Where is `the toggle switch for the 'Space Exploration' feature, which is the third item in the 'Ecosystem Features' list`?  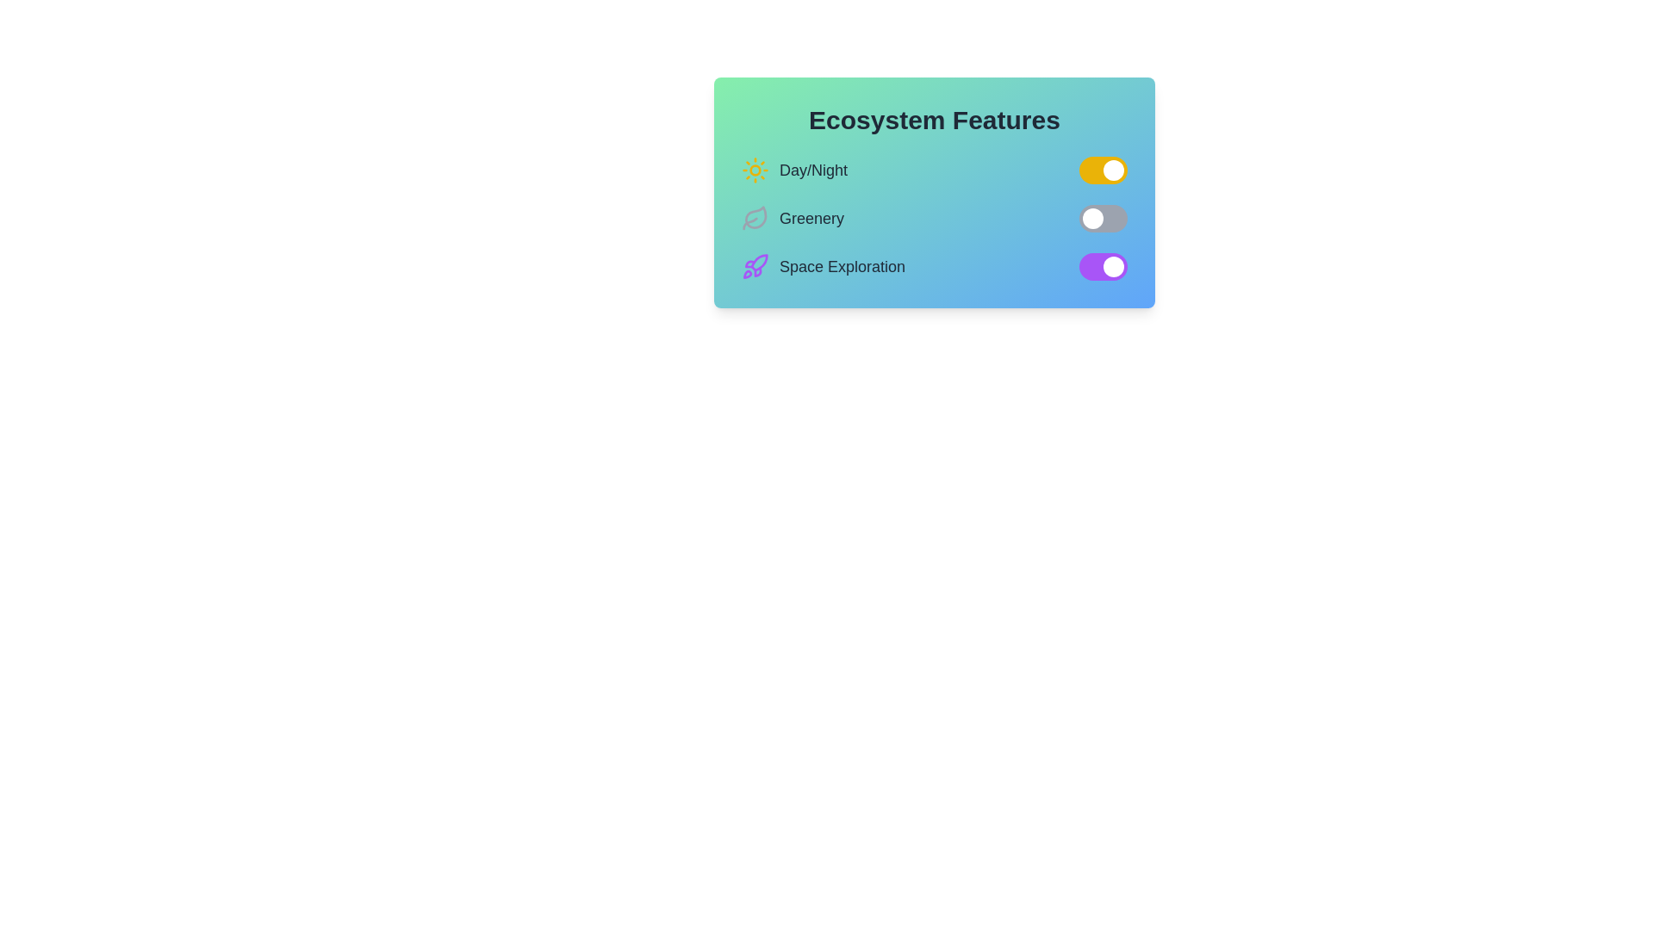 the toggle switch for the 'Space Exploration' feature, which is the third item in the 'Ecosystem Features' list is located at coordinates (933, 266).